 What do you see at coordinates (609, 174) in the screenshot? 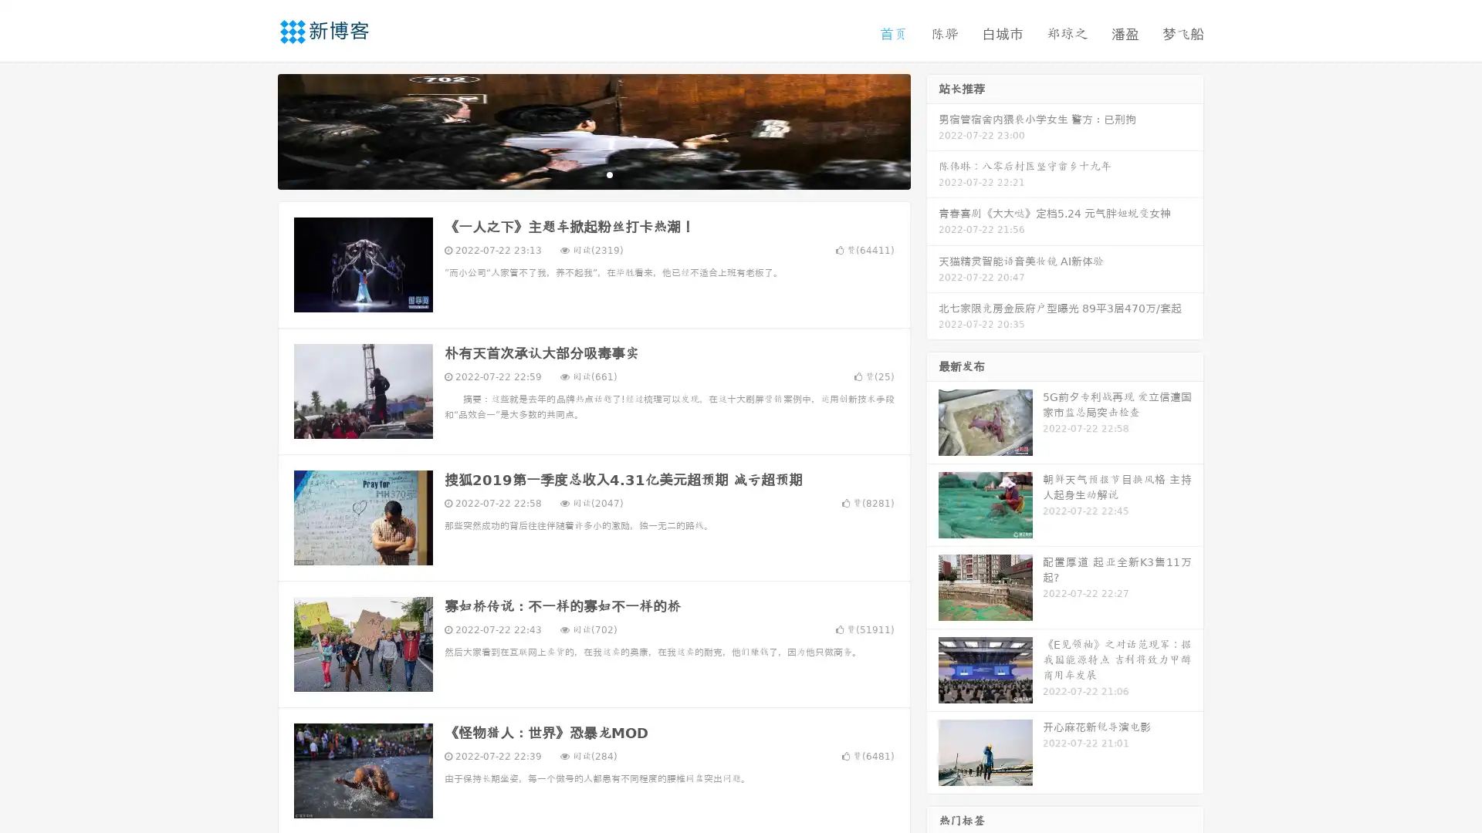
I see `Go to slide 3` at bounding box center [609, 174].